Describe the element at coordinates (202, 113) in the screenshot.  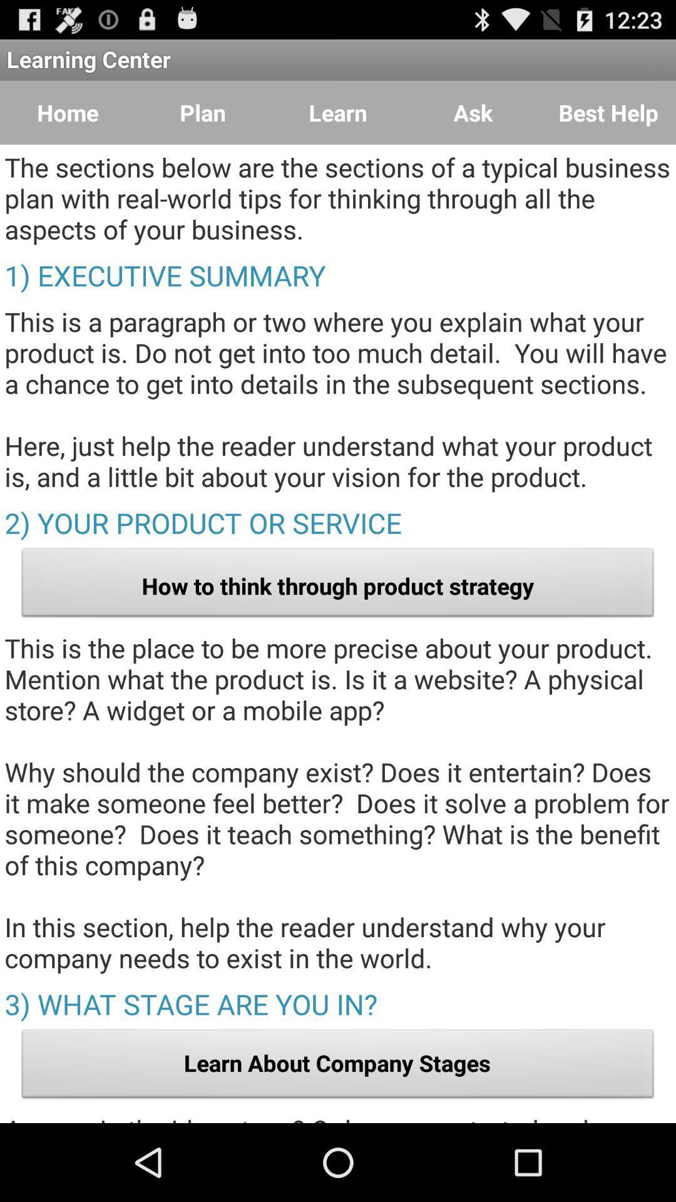
I see `plan which is next to home` at that location.